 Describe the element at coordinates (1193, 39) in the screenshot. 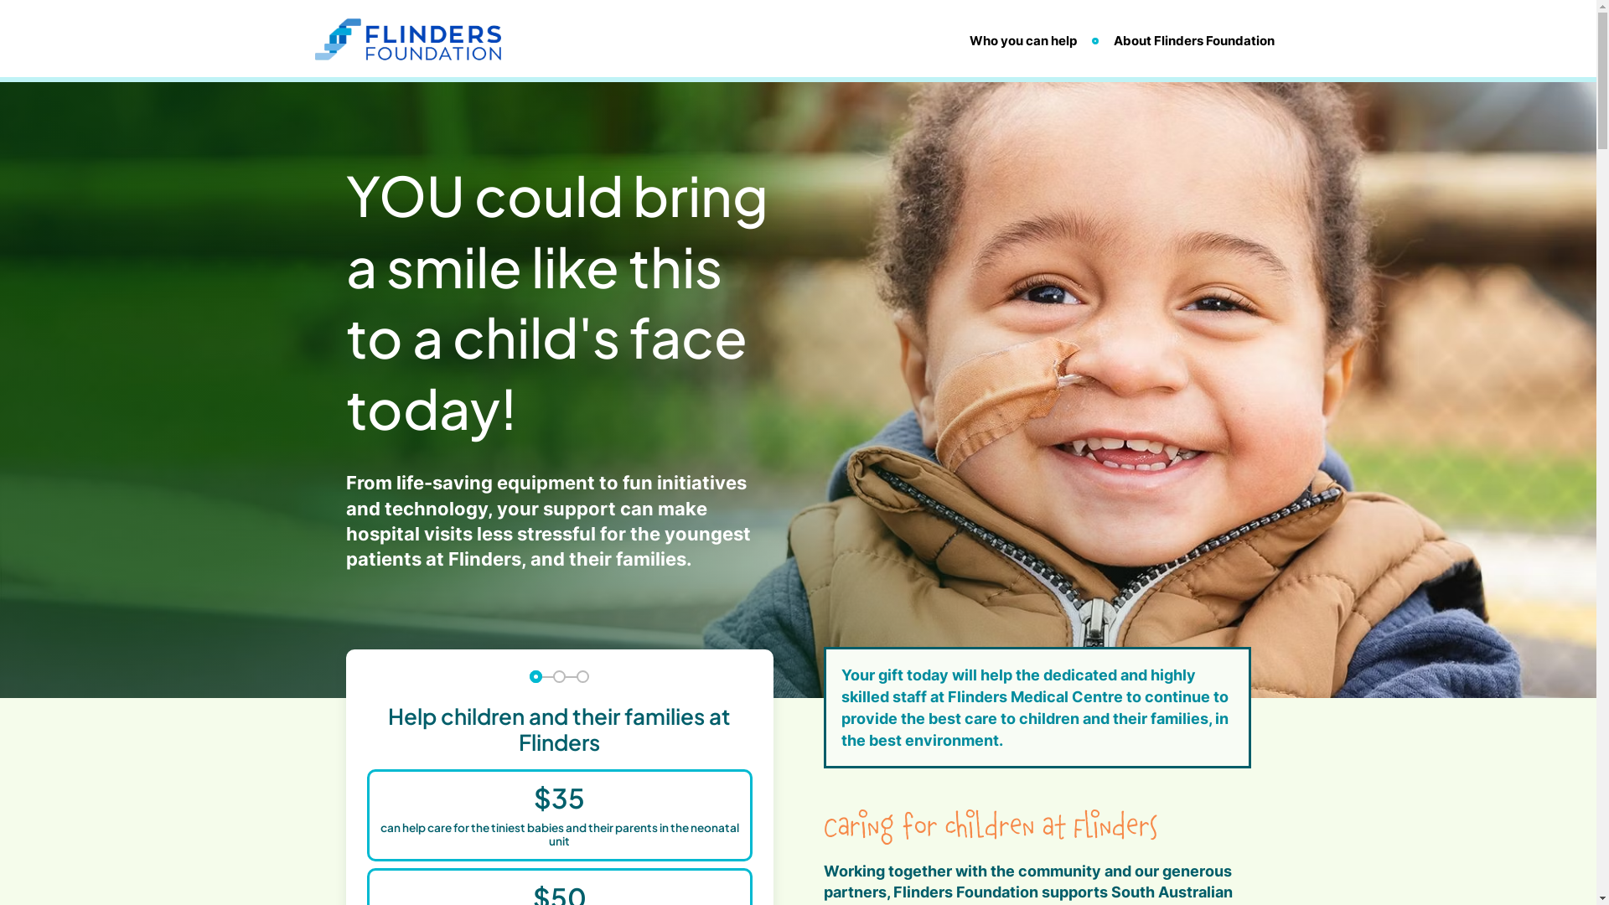

I see `'About Flinders Foundation'` at that location.